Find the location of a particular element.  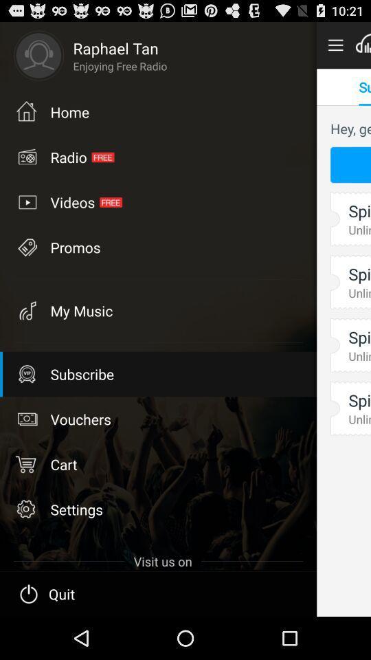

the icon next to promos is located at coordinates (26, 310).